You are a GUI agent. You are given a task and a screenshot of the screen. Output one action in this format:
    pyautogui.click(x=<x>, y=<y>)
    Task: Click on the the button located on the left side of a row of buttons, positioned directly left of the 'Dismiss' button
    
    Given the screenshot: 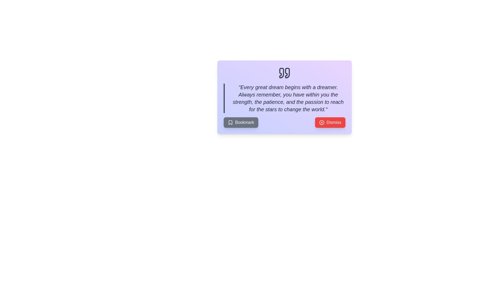 What is the action you would take?
    pyautogui.click(x=240, y=123)
    